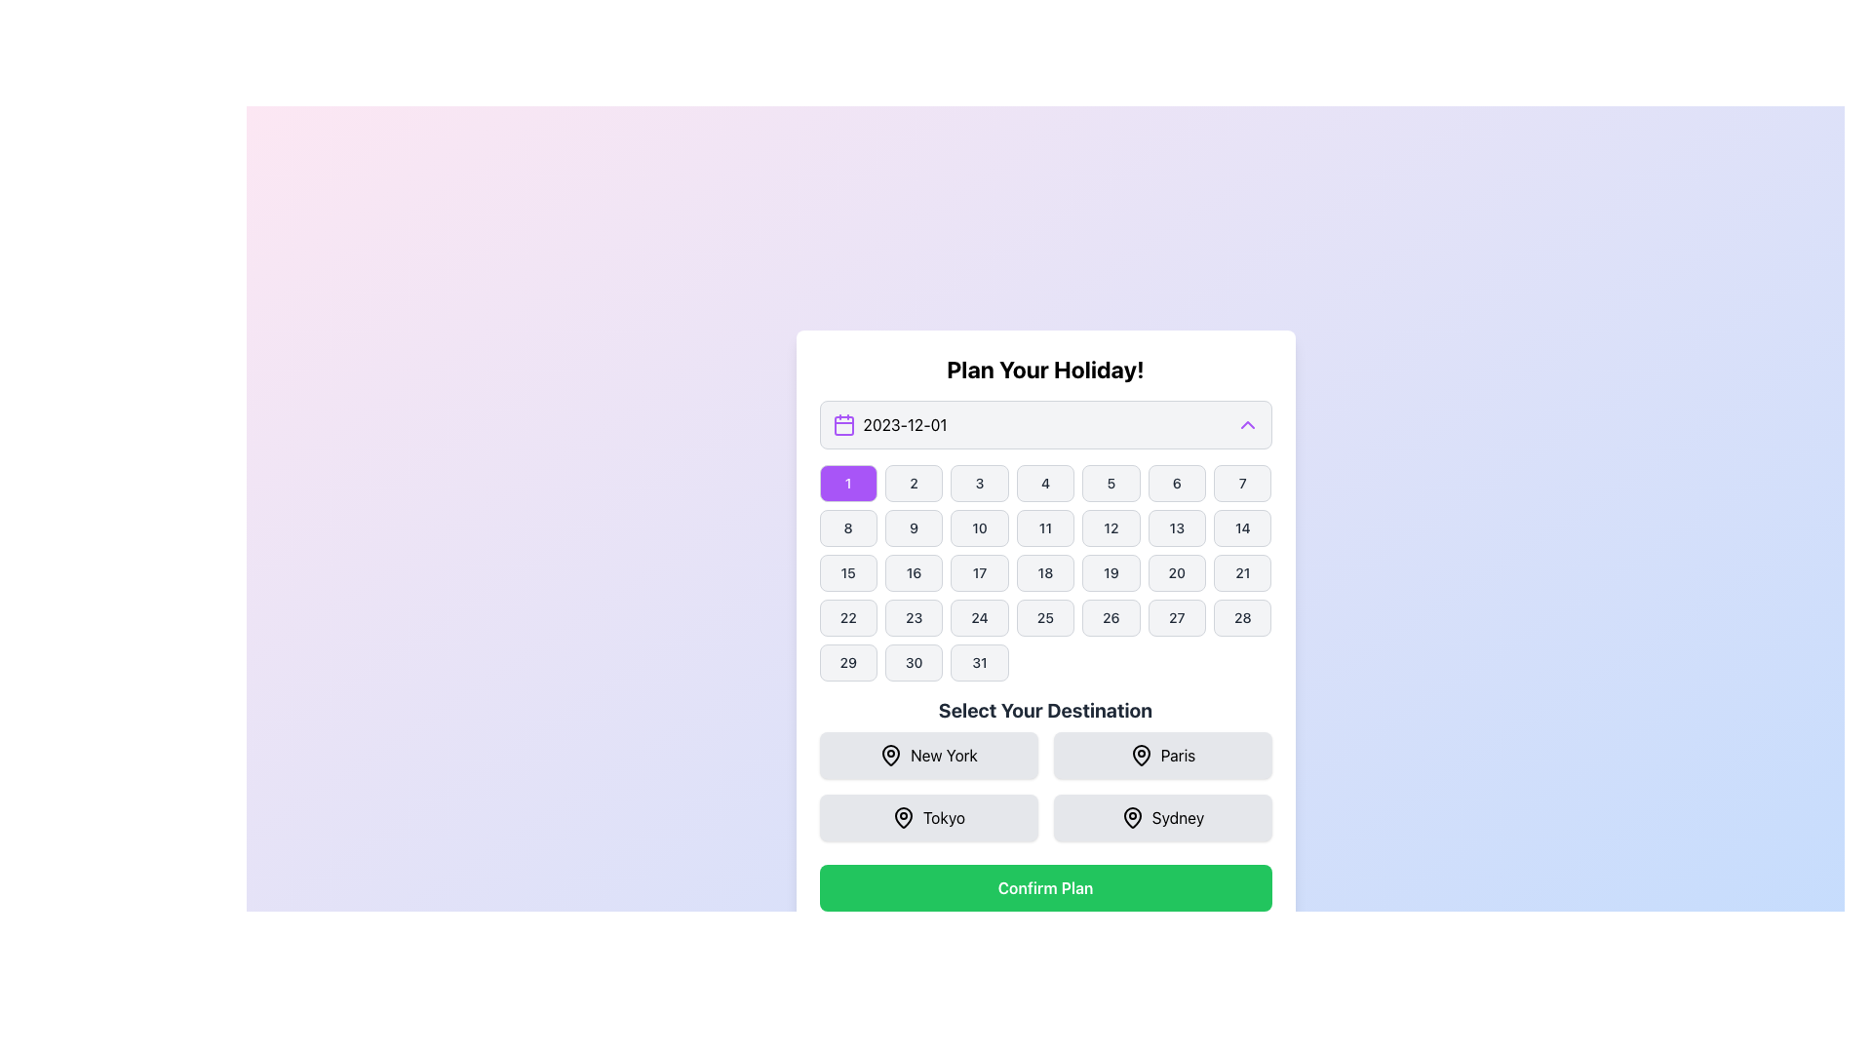 Image resolution: width=1872 pixels, height=1053 pixels. What do you see at coordinates (1111, 571) in the screenshot?
I see `the interactive calendar day button displaying '19' to highlight its state` at bounding box center [1111, 571].